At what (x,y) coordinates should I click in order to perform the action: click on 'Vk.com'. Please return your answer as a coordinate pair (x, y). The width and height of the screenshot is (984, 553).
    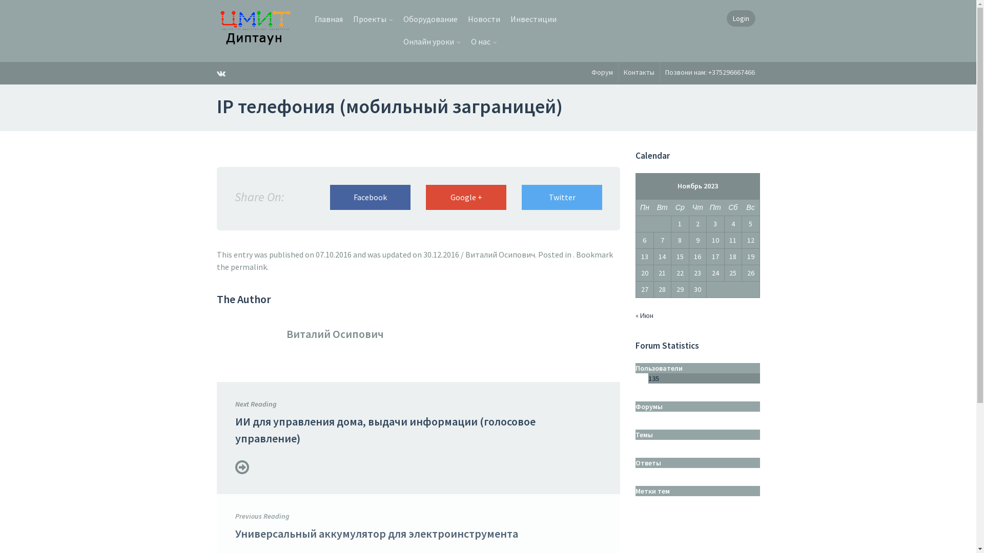
    Looking at the image, I should click on (216, 72).